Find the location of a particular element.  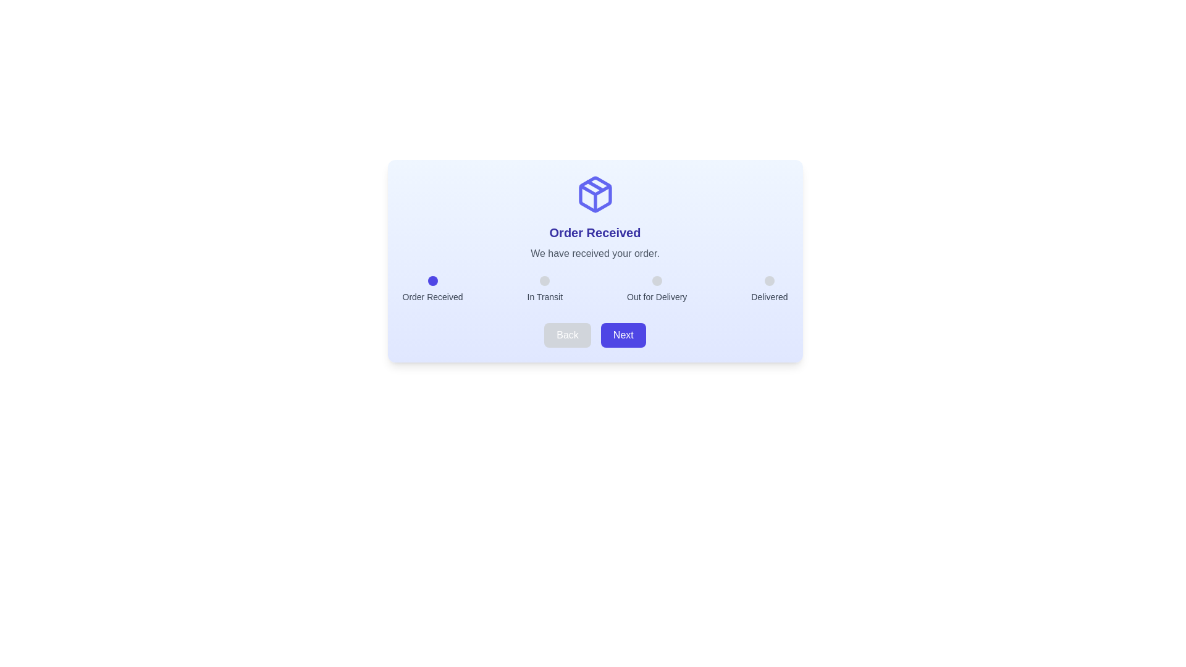

the step indicator for Out for Delivery to highlight it is located at coordinates (656, 281).